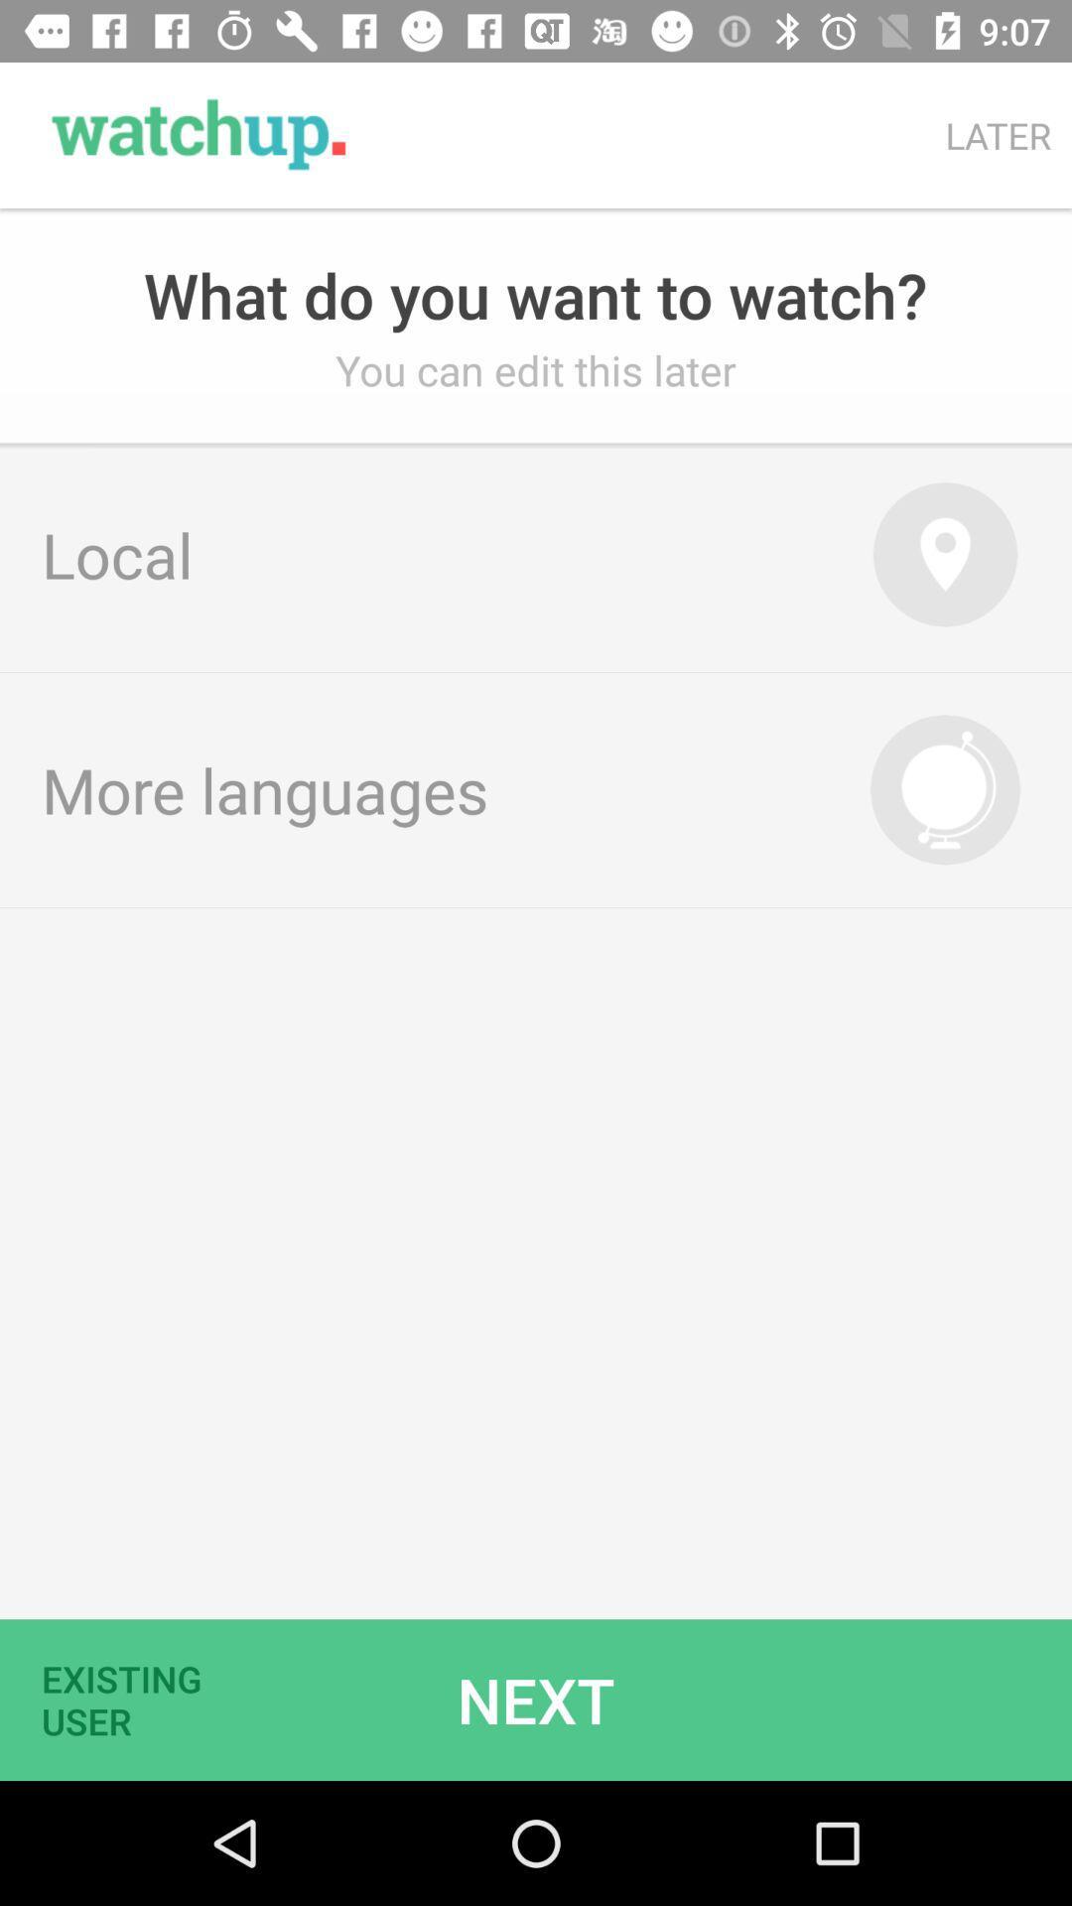  I want to click on the icon next to next, so click(134, 1699).